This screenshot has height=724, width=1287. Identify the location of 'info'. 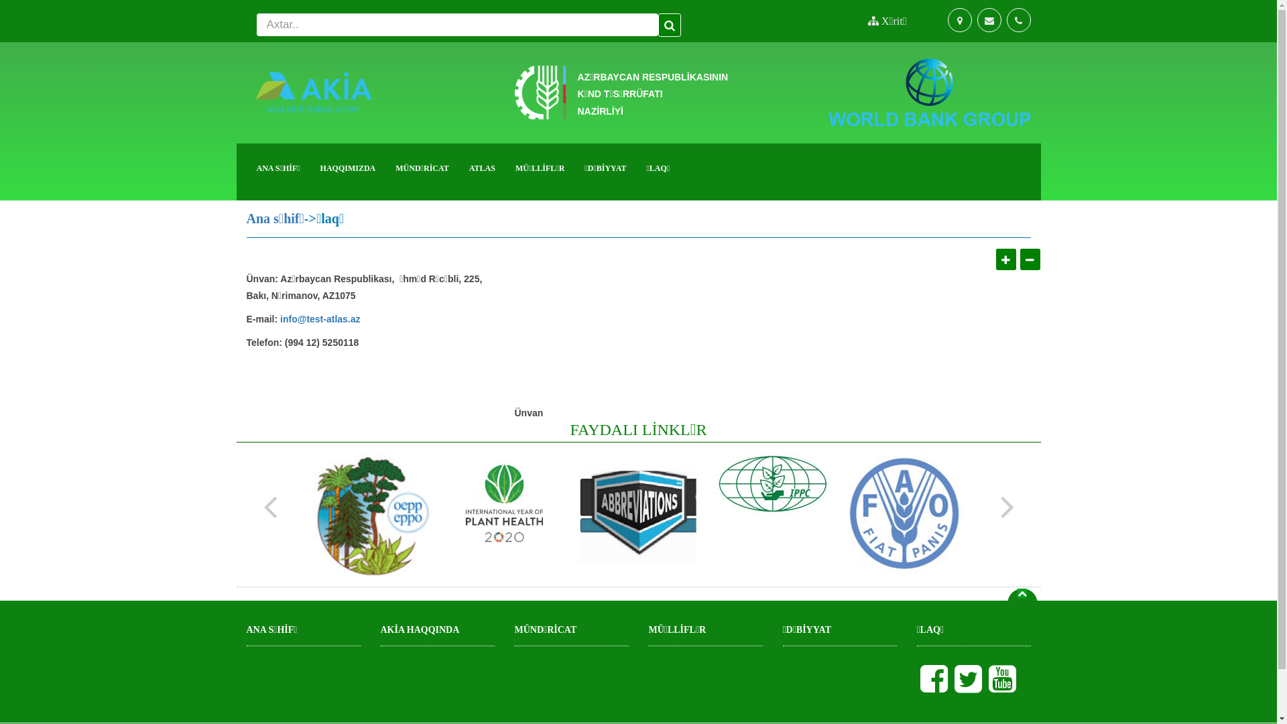
(288, 320).